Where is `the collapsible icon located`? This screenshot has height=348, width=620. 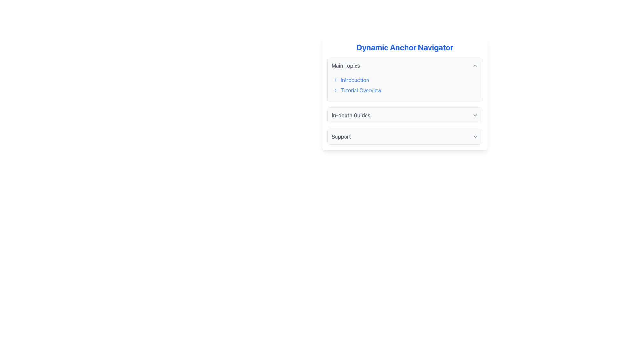 the collapsible icon located is located at coordinates (475, 115).